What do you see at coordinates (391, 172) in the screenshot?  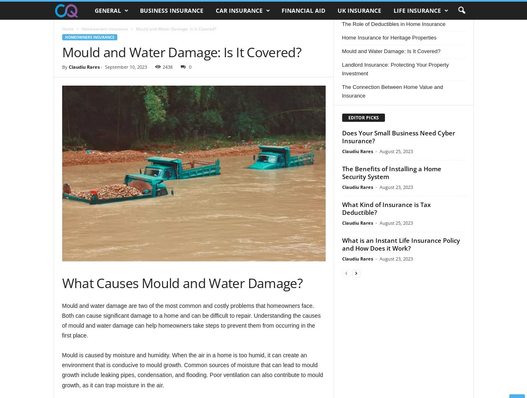 I see `'The Benefits of Installing a Home Security System'` at bounding box center [391, 172].